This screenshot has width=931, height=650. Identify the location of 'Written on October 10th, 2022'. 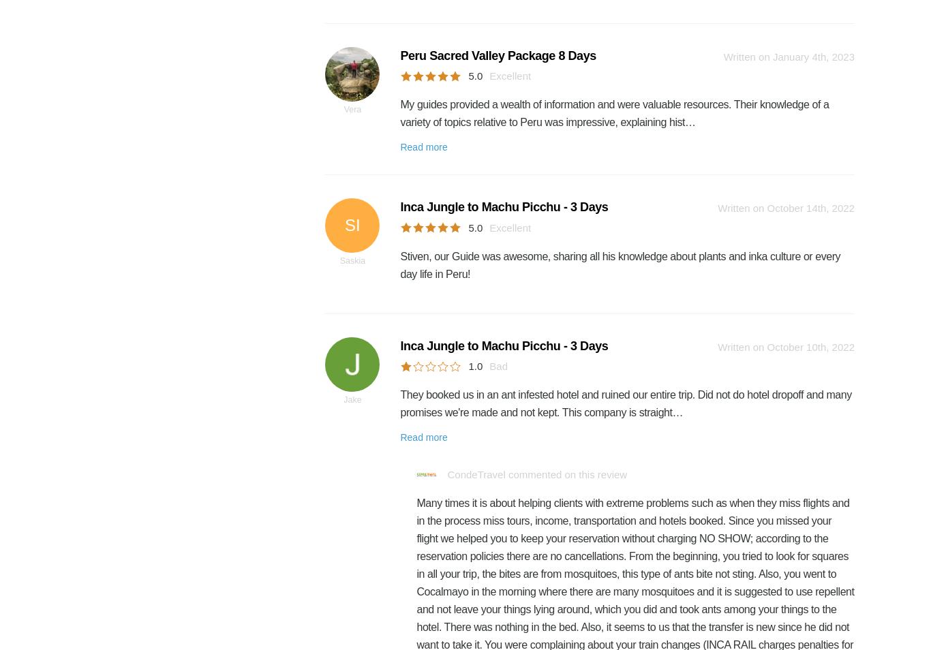
(786, 345).